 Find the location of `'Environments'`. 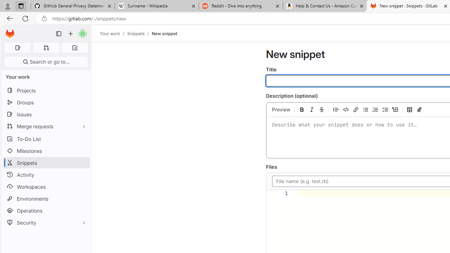

'Environments' is located at coordinates (46, 199).